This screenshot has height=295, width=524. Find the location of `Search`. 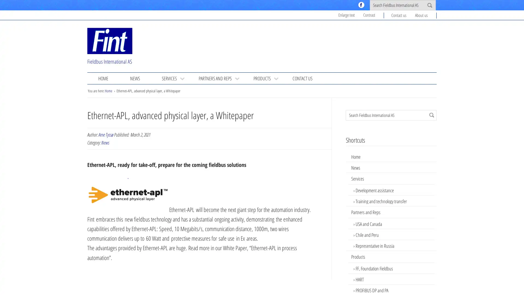

Search is located at coordinates (429, 5).